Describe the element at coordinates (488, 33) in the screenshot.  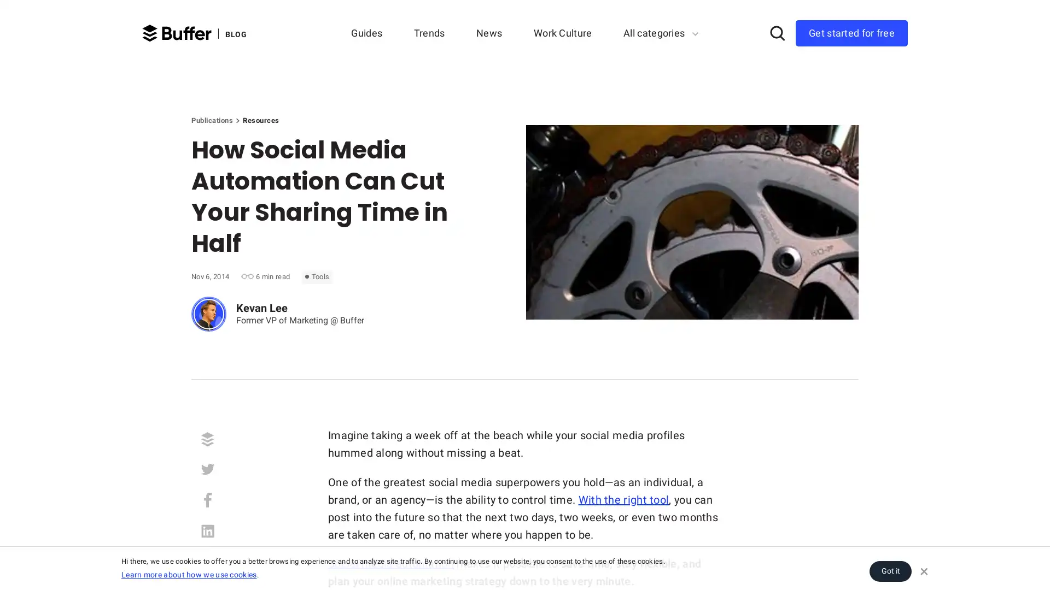
I see `News` at that location.